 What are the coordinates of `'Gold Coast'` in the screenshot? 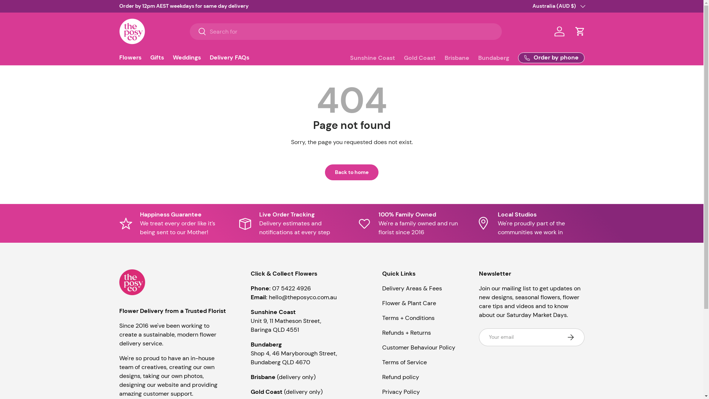 It's located at (420, 57).